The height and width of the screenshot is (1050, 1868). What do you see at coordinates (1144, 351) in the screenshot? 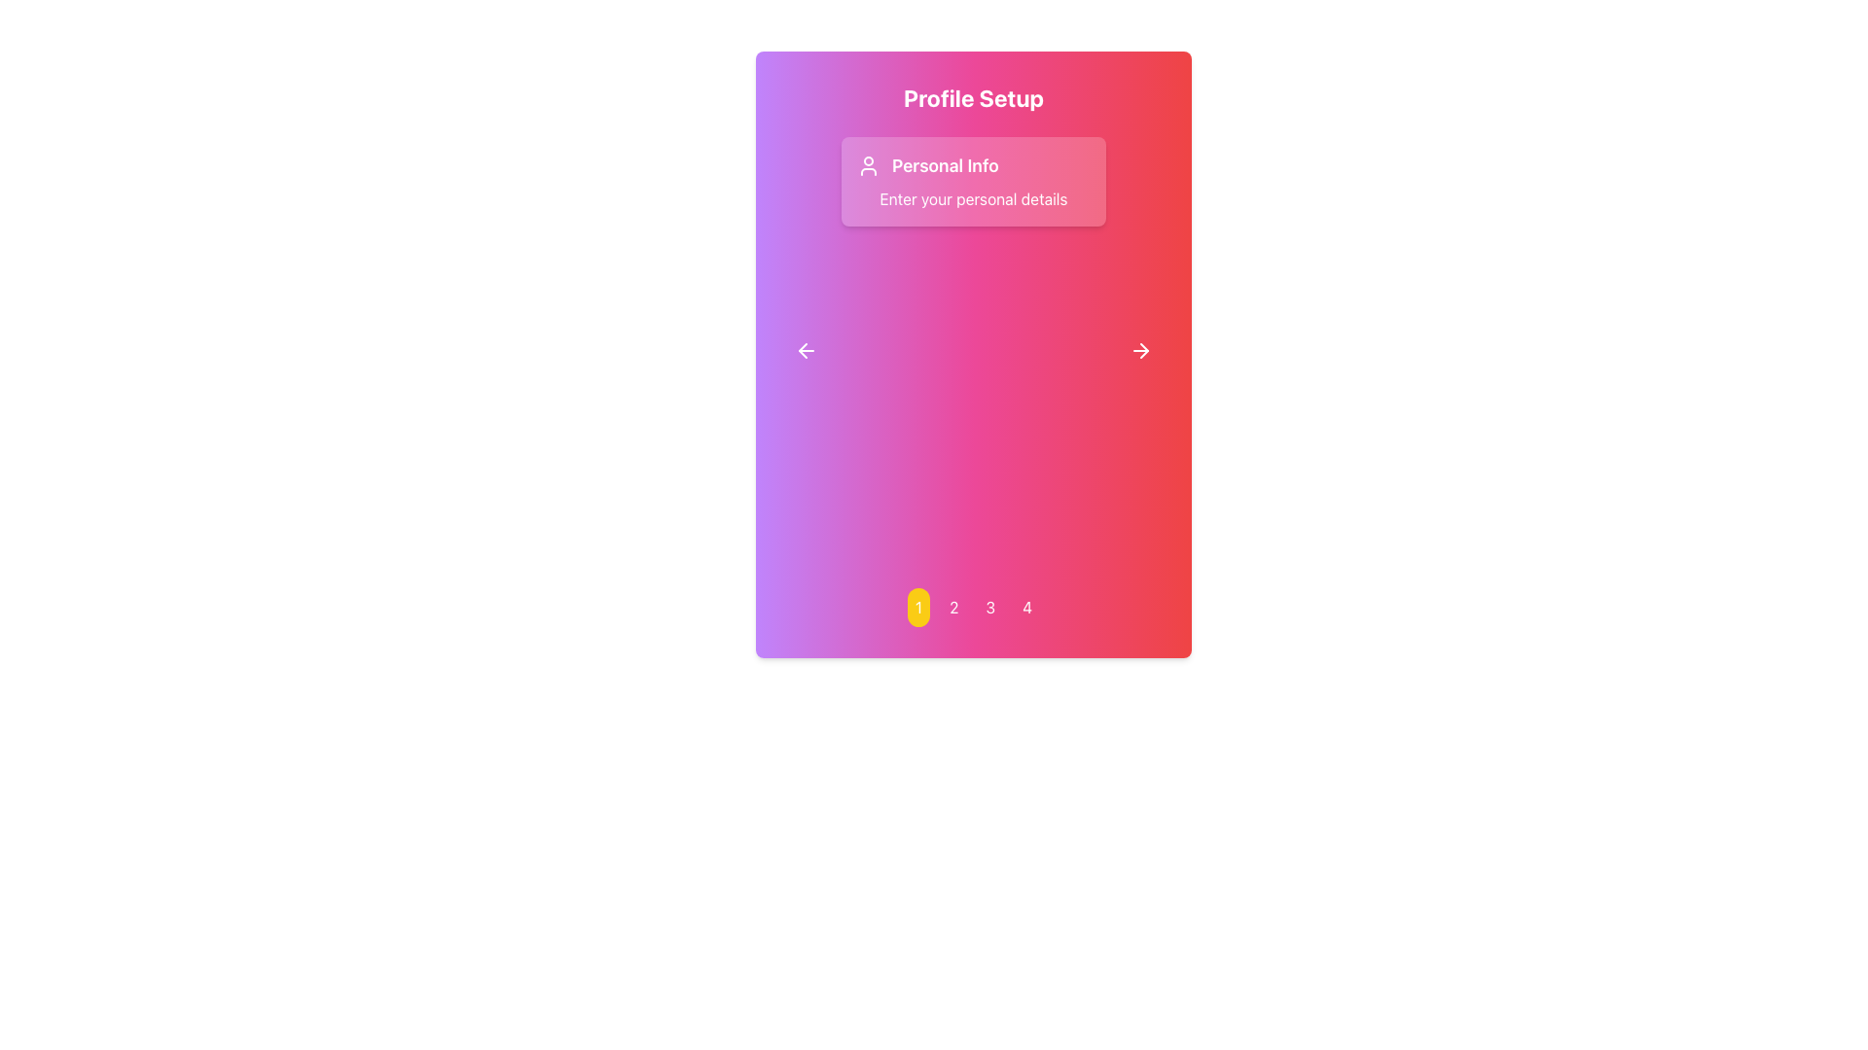
I see `the right arrow icon` at bounding box center [1144, 351].